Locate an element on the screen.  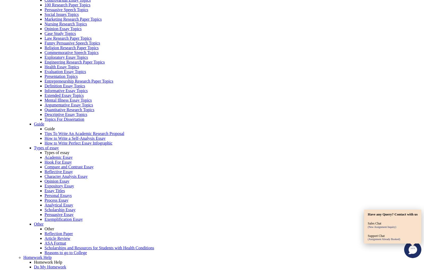
'Compare and Contrast Essay' is located at coordinates (69, 166).